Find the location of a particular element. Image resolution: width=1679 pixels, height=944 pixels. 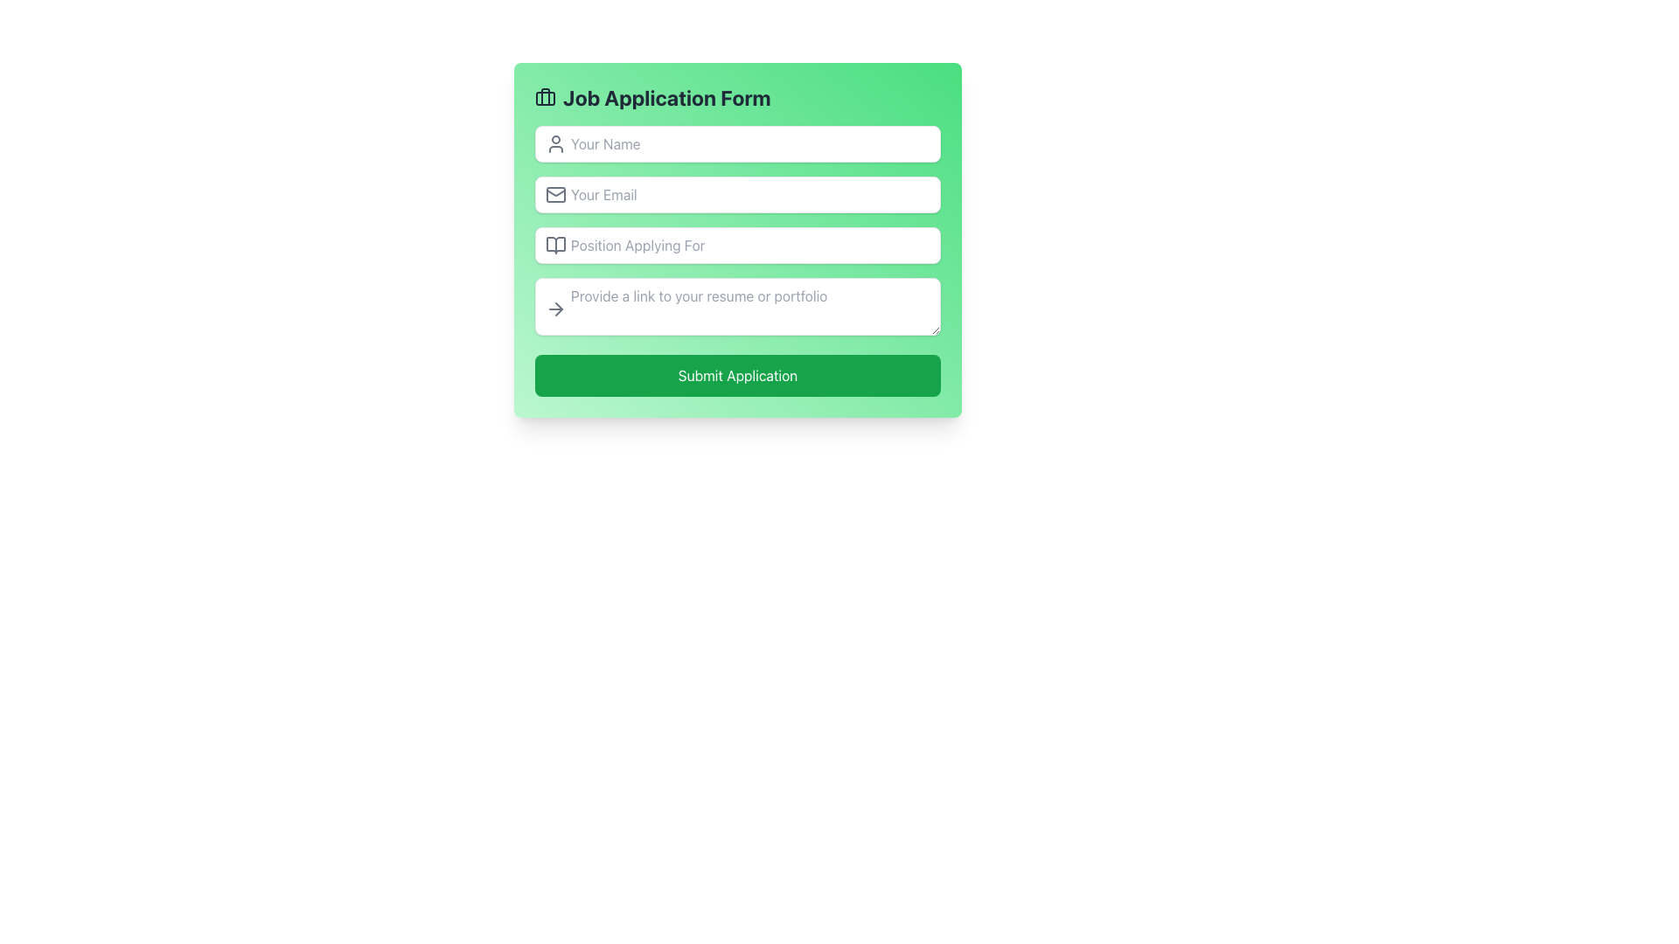

the icon representing the context of the form, which is located to the immediate left of the text 'Job Application Form' in the header section is located at coordinates (545, 97).